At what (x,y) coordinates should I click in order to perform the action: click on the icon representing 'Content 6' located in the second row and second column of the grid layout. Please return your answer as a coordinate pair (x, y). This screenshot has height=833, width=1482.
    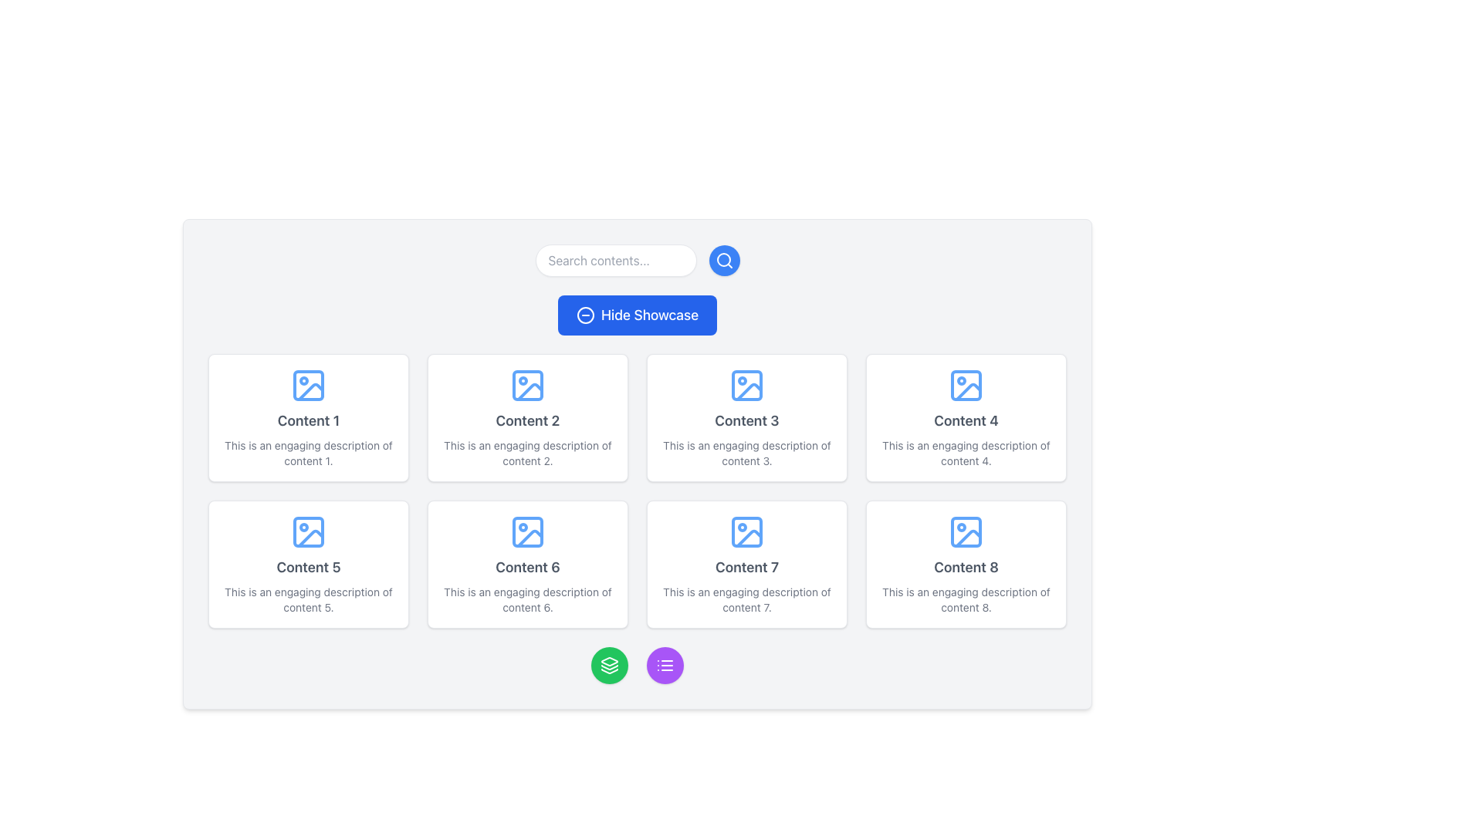
    Looking at the image, I should click on (528, 531).